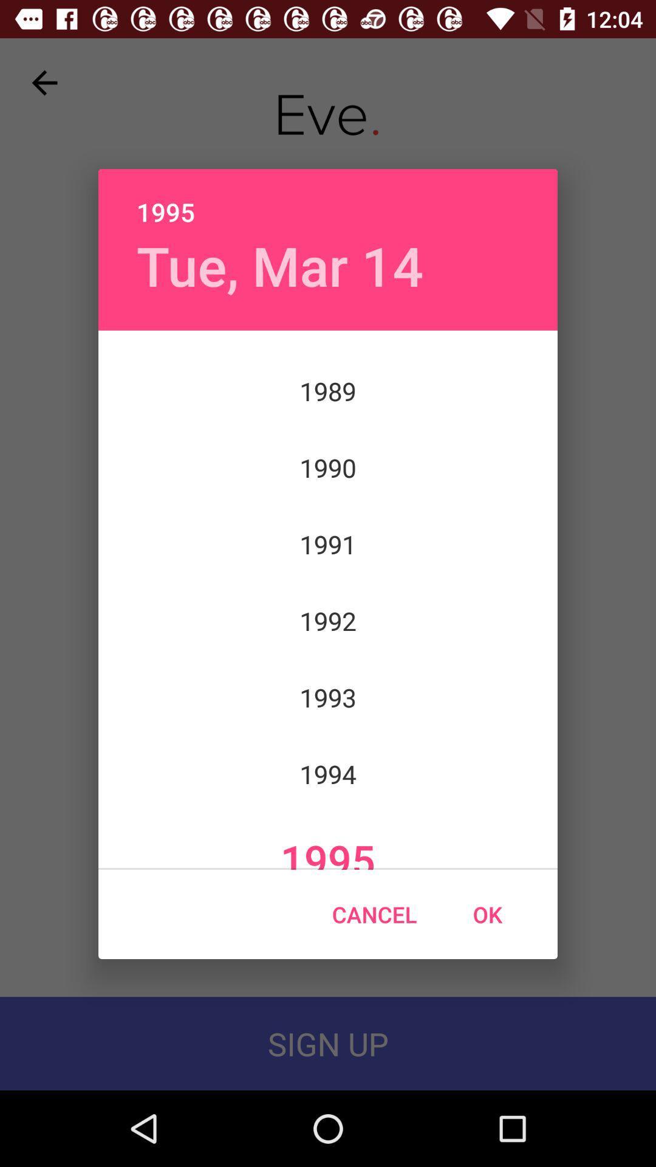 This screenshot has width=656, height=1167. Describe the element at coordinates (374, 914) in the screenshot. I see `the item to the left of ok icon` at that location.